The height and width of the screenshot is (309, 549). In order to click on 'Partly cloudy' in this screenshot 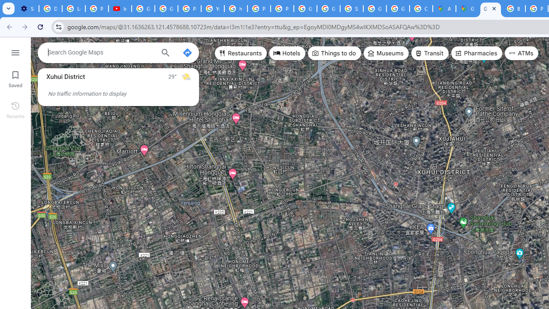, I will do `click(185, 76)`.